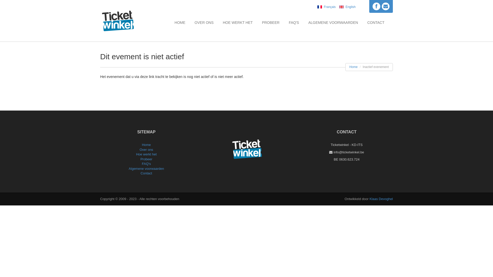  Describe the element at coordinates (136, 154) in the screenshot. I see `'Hoe werkt het'` at that location.